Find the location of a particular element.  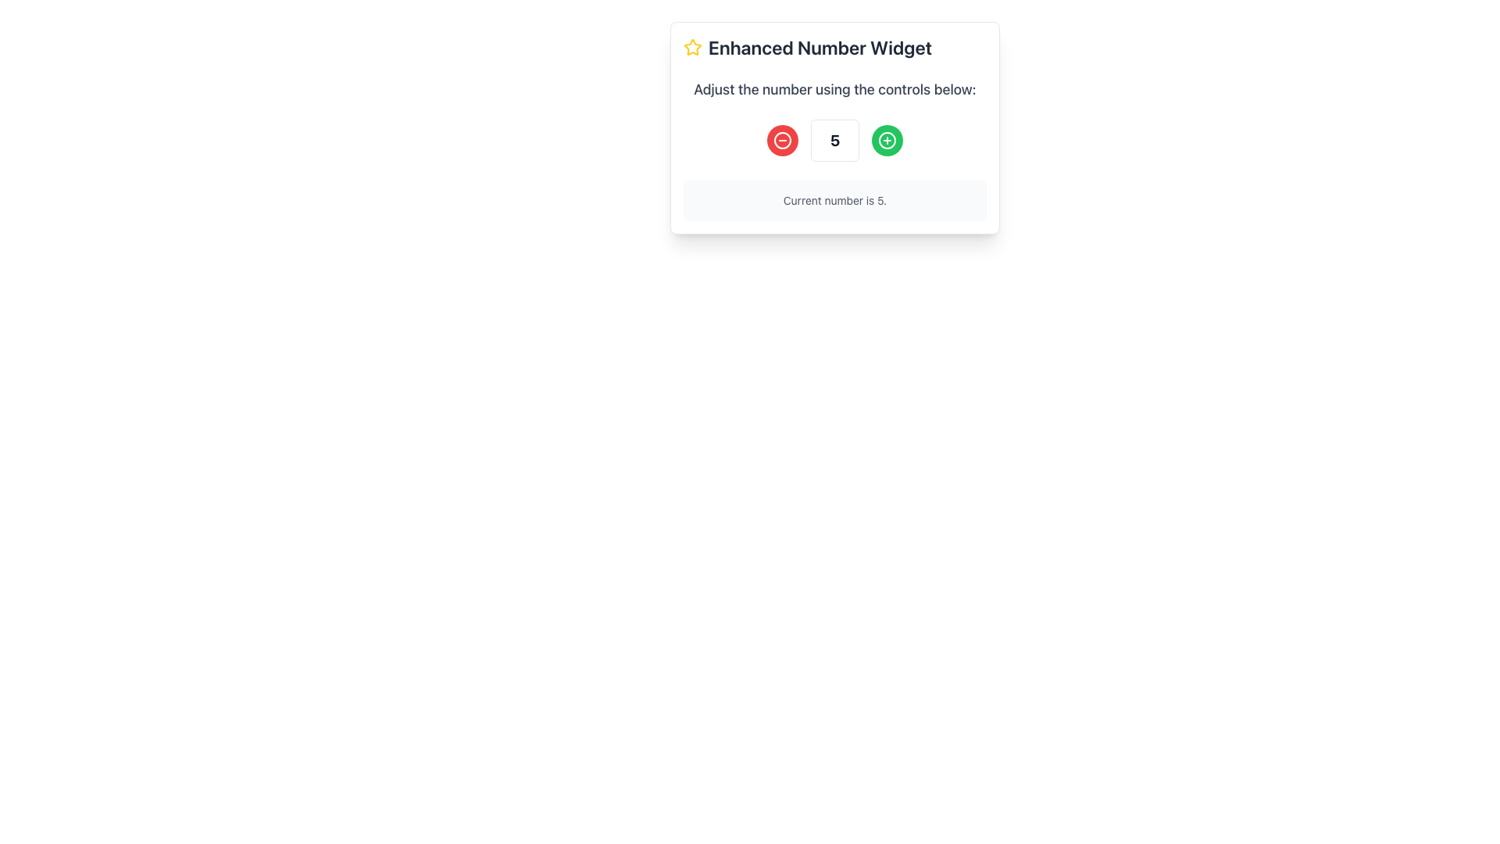

the circular green button with a white plus icon to trigger the hover effect is located at coordinates (887, 141).